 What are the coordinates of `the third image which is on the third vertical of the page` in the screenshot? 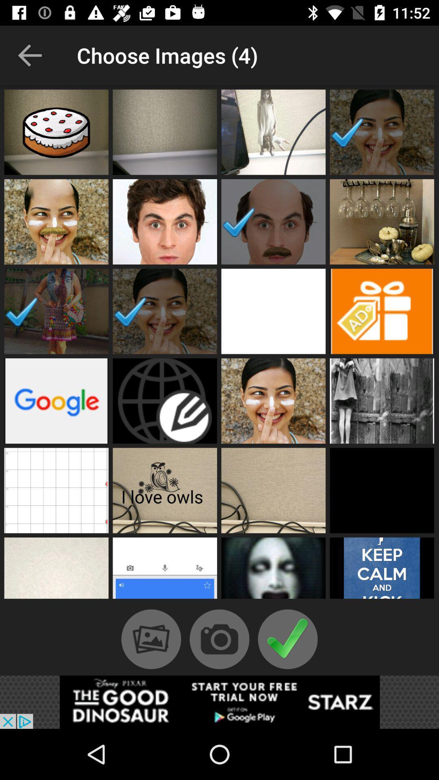 It's located at (273, 311).